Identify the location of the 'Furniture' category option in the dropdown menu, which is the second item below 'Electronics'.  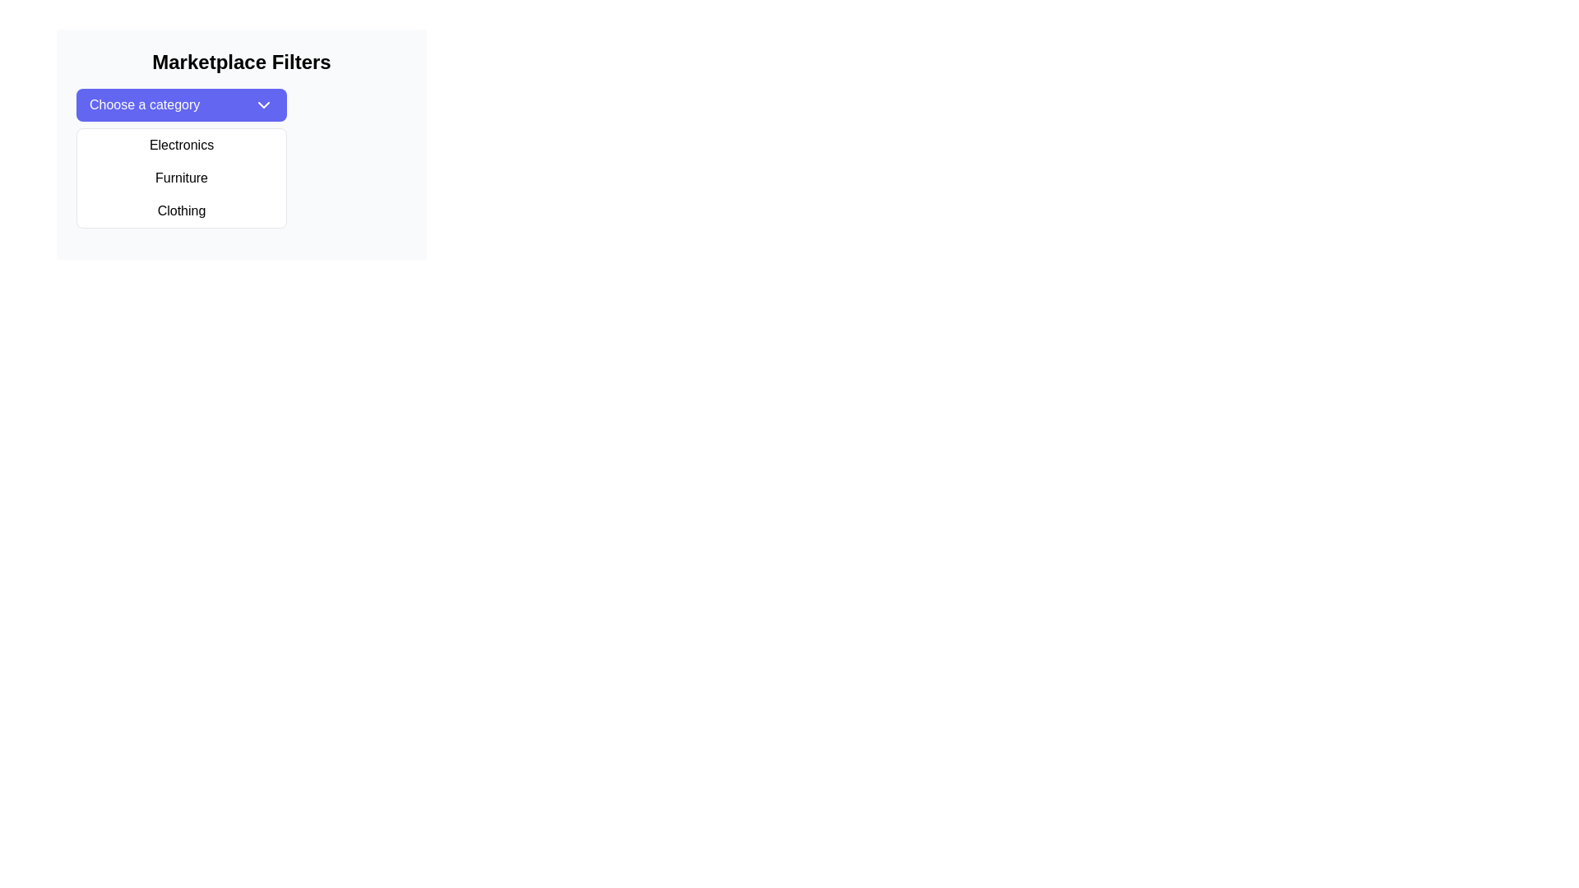
(181, 178).